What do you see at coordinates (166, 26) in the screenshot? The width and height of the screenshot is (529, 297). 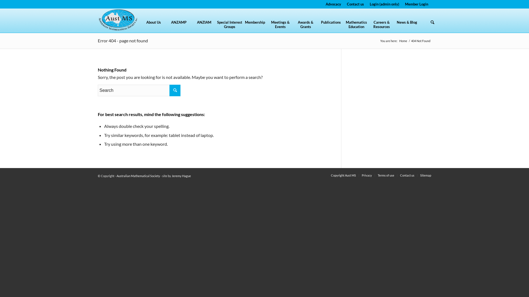 I see `'ANZAMP'` at bounding box center [166, 26].